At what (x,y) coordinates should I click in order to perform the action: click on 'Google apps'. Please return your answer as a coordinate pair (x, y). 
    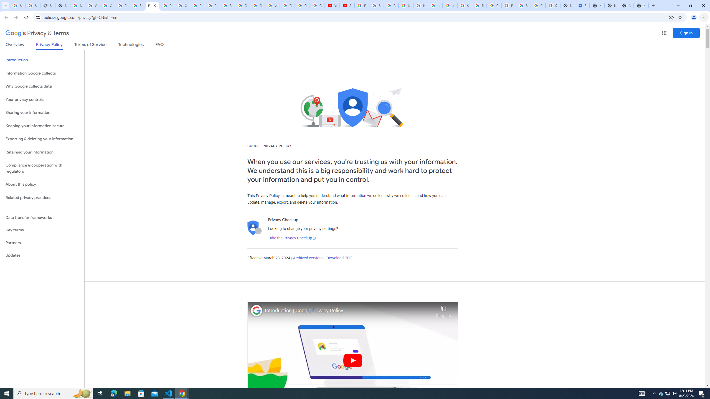
    Looking at the image, I should click on (664, 33).